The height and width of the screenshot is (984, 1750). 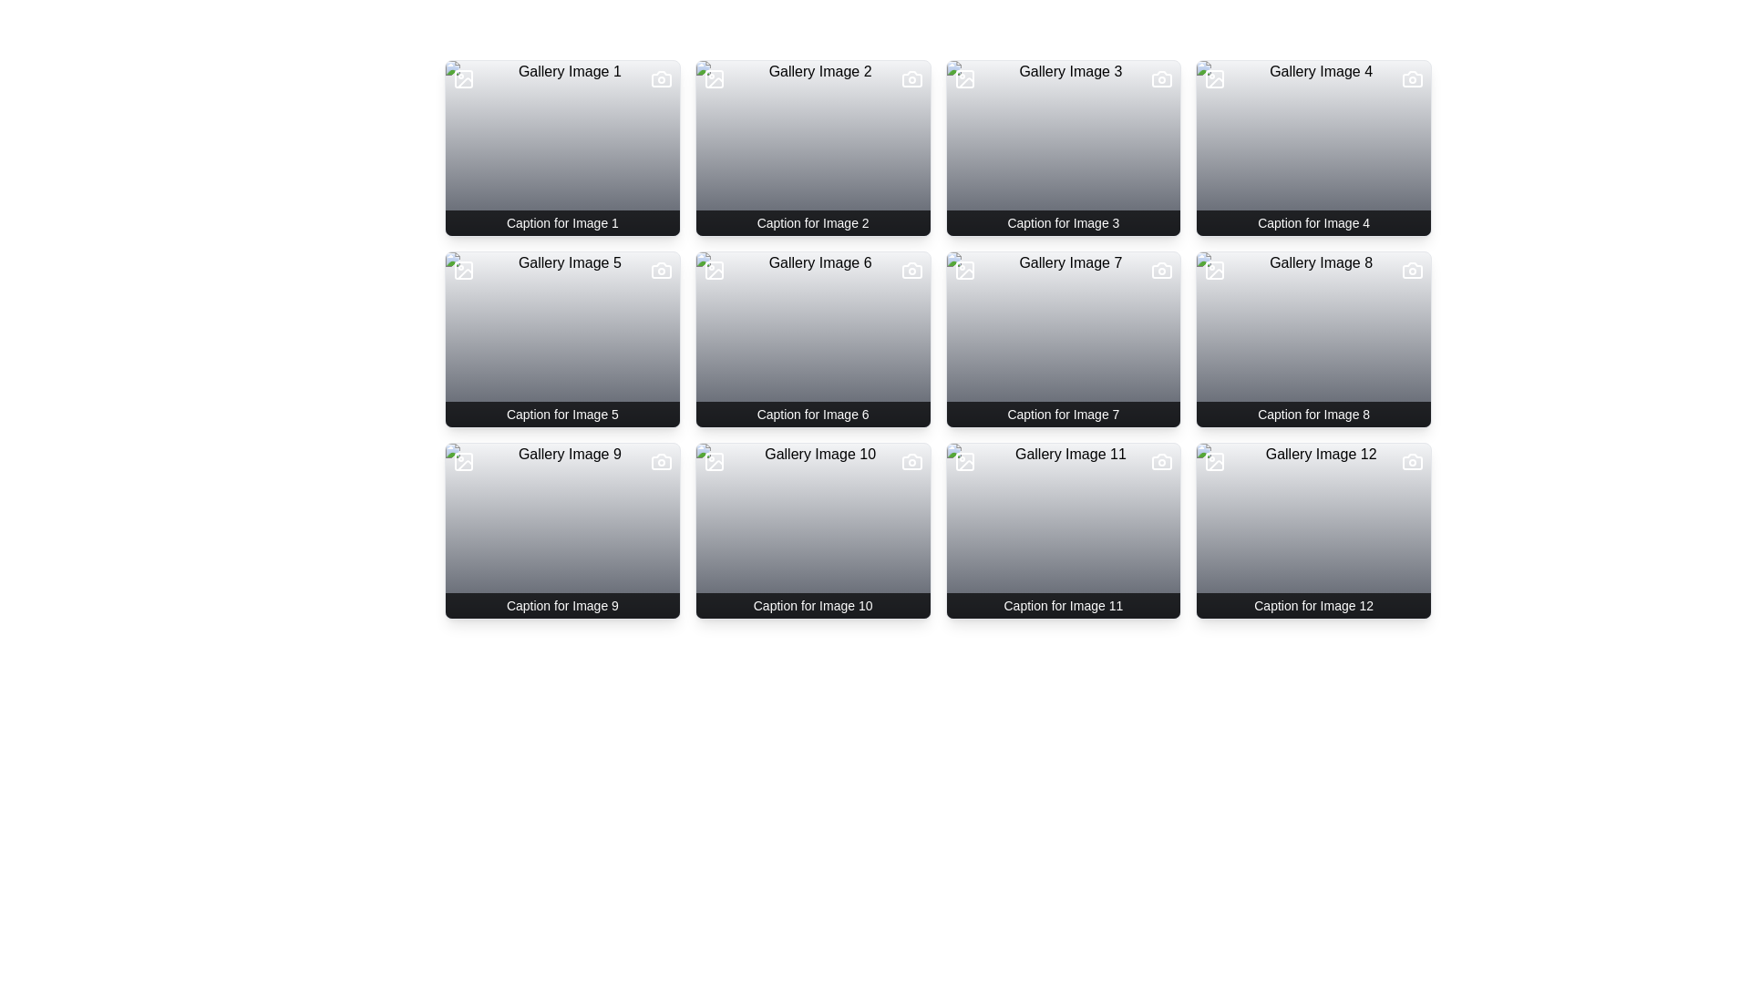 I want to click on the decorative rectangle located in the top-left area of the thumbnail labeled 'Gallery Image 6' within the second row, second column of the grid layout, so click(x=713, y=271).